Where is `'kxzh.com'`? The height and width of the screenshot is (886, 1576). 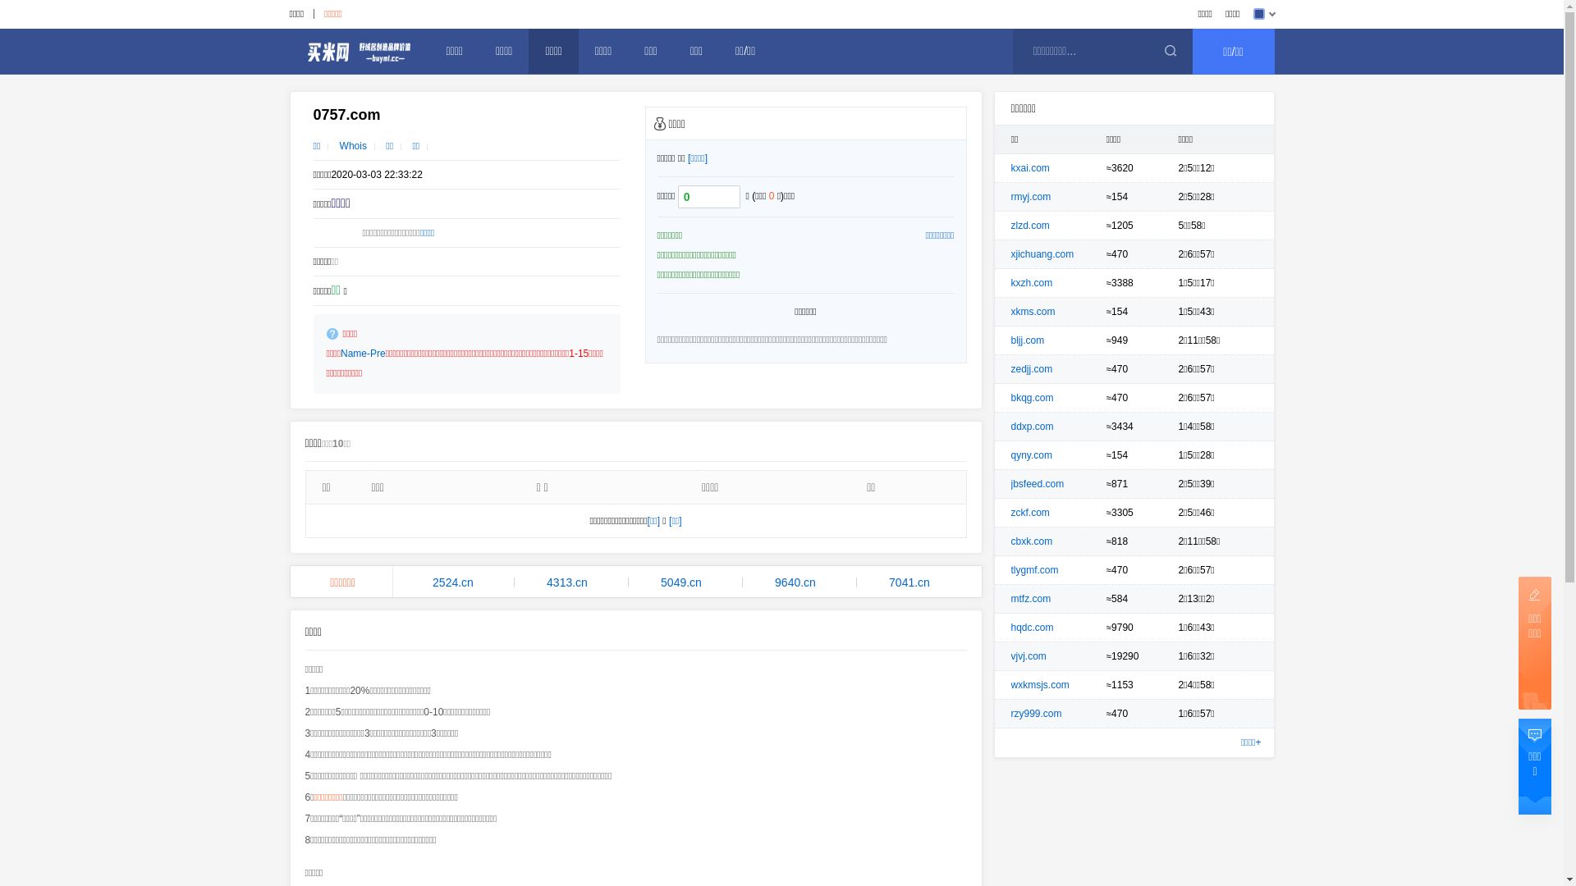 'kxzh.com' is located at coordinates (1031, 281).